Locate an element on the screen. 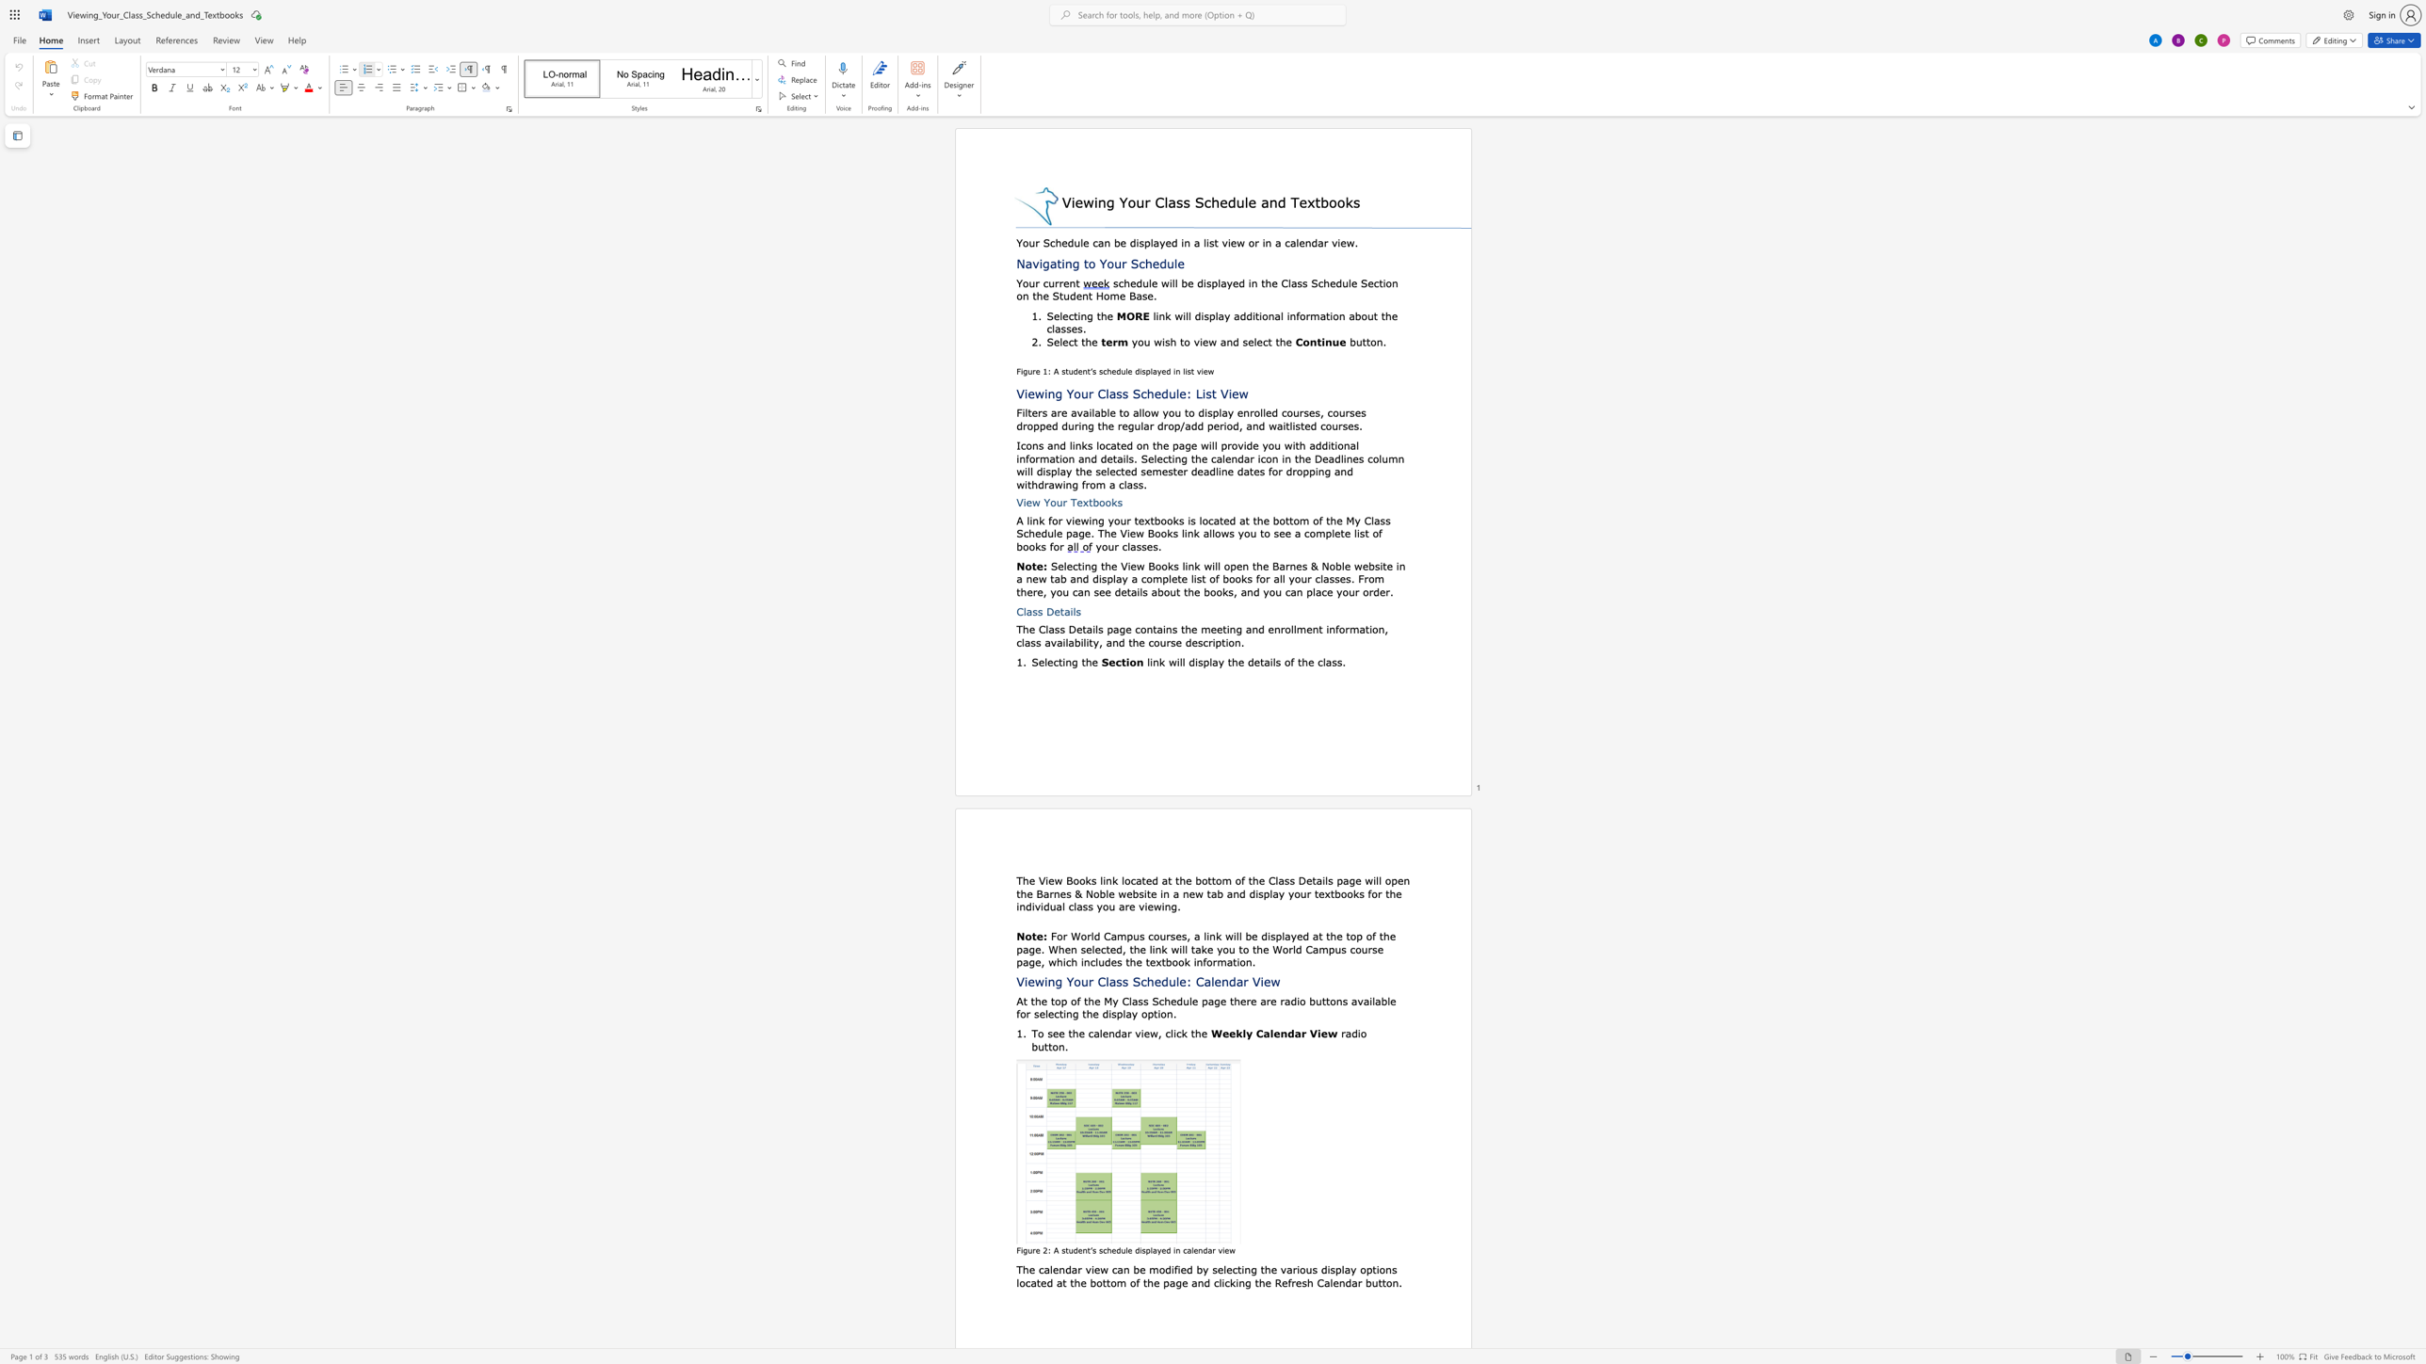  the 2th character "u" in the text is located at coordinates (1051, 282).